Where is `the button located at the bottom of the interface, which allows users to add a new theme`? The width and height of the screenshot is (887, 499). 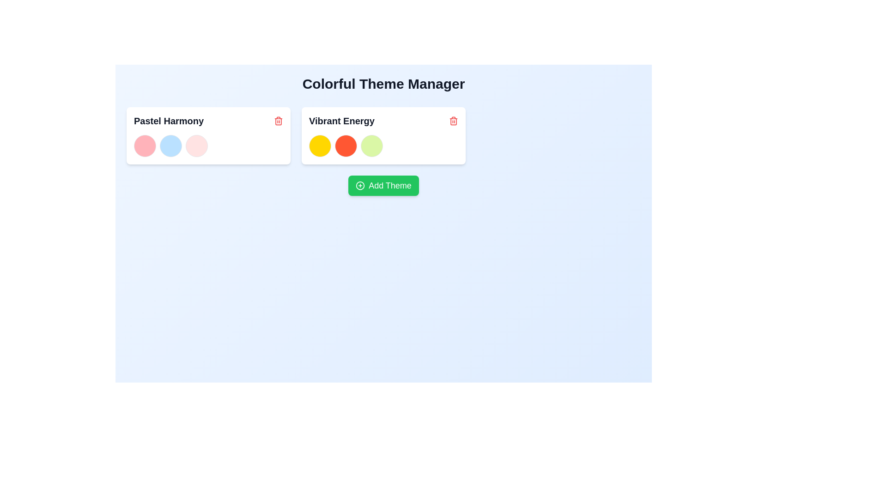 the button located at the bottom of the interface, which allows users to add a new theme is located at coordinates (383, 185).